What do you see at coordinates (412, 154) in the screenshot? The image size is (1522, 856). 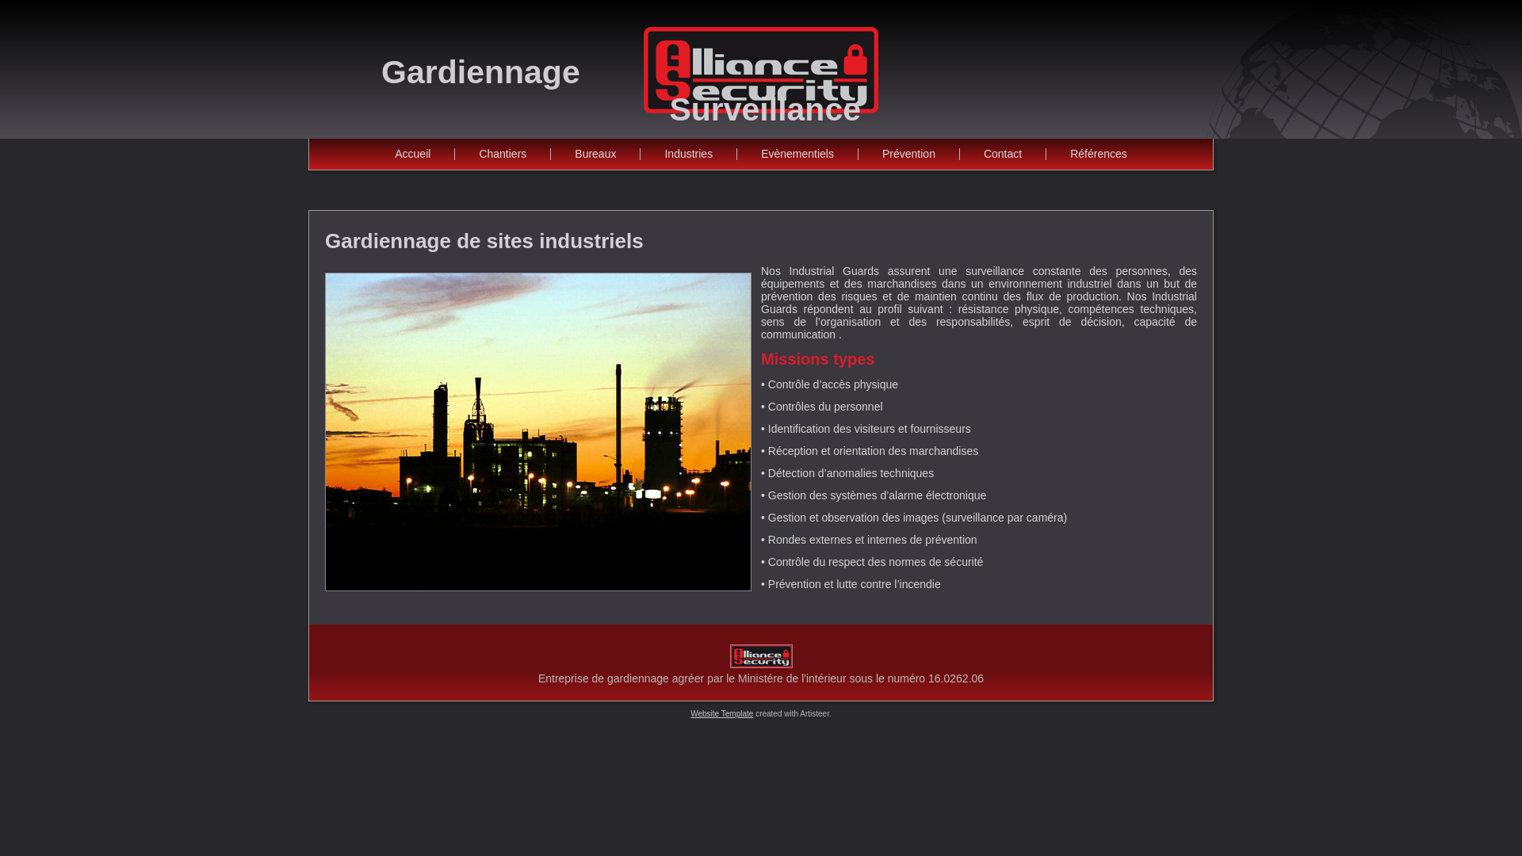 I see `'Accueil'` at bounding box center [412, 154].